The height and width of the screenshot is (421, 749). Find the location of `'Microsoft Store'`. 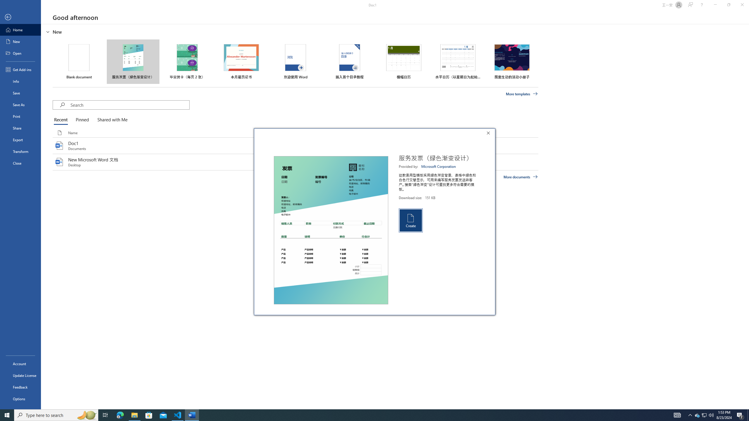

'Microsoft Store' is located at coordinates (149, 415).